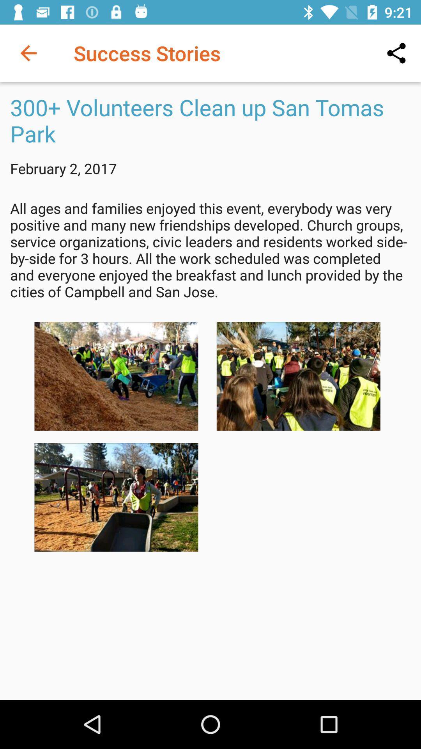 This screenshot has height=749, width=421. Describe the element at coordinates (116, 497) in the screenshot. I see `choose photo` at that location.